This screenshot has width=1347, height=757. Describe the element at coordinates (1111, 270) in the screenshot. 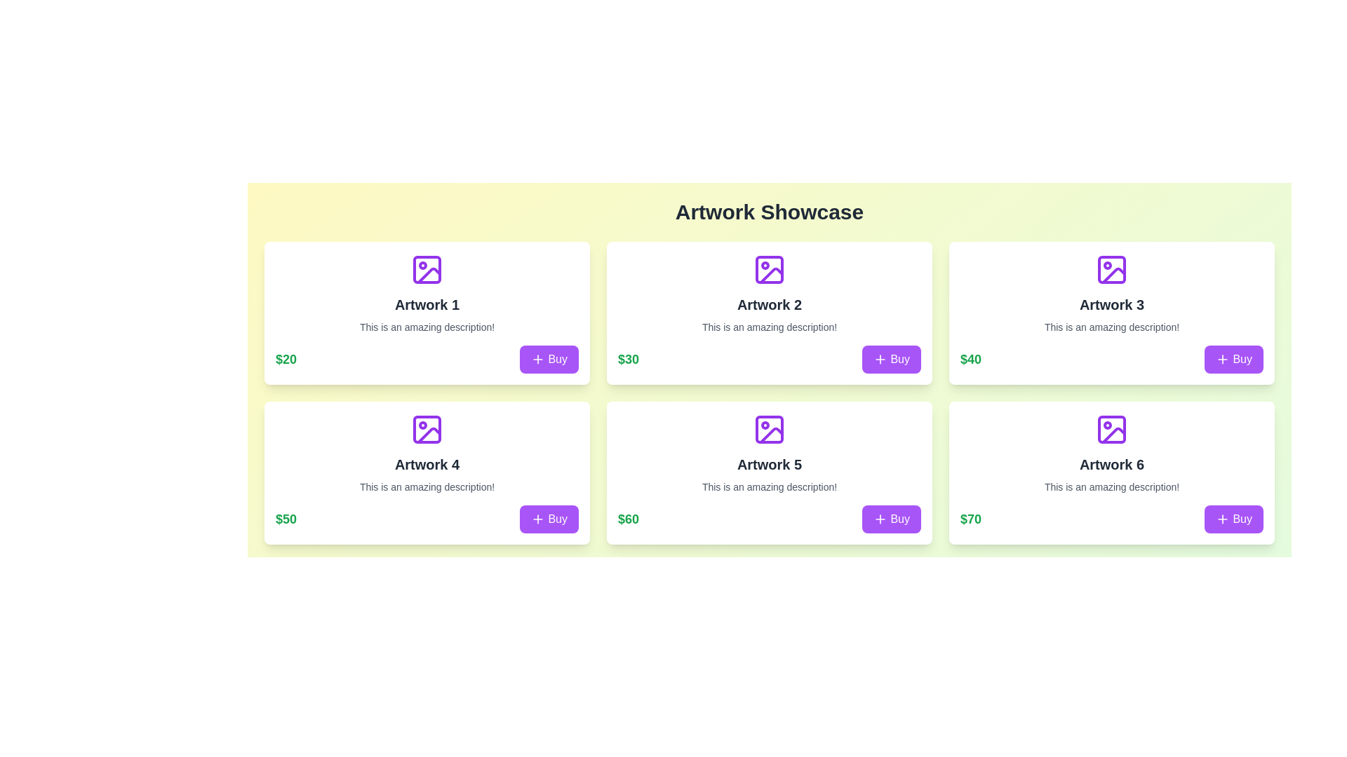

I see `the decorative graphical icon symbolizing the artwork associated with the card labeled 'Artwork 3' located in the top-right section of the multi-card layout` at that location.